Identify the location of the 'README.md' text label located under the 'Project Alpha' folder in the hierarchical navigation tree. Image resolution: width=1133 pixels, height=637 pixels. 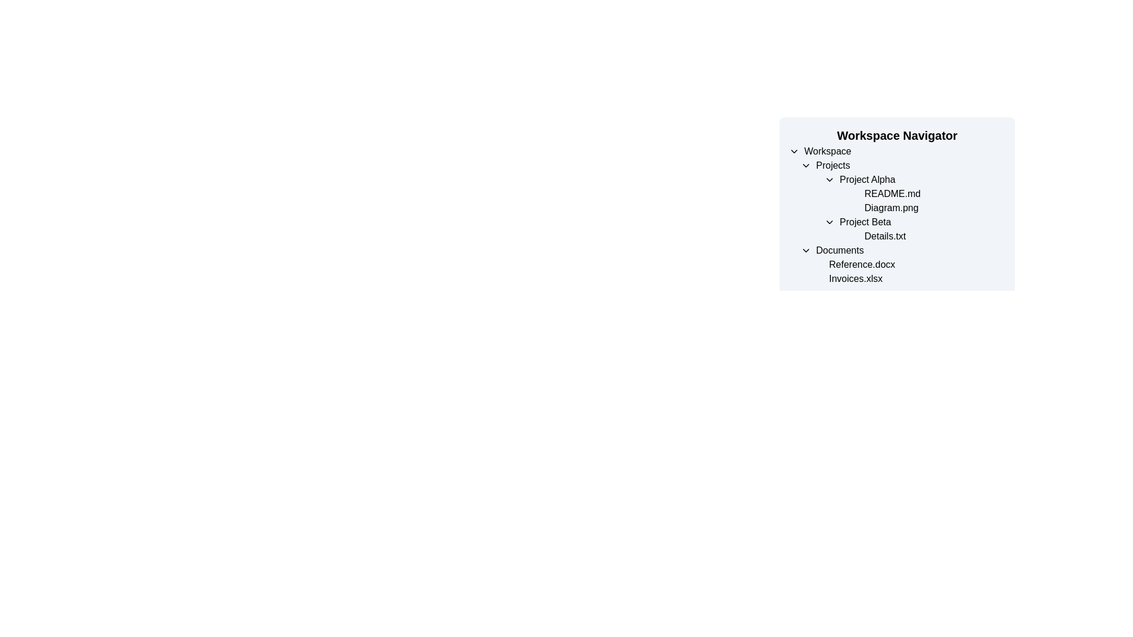
(914, 193).